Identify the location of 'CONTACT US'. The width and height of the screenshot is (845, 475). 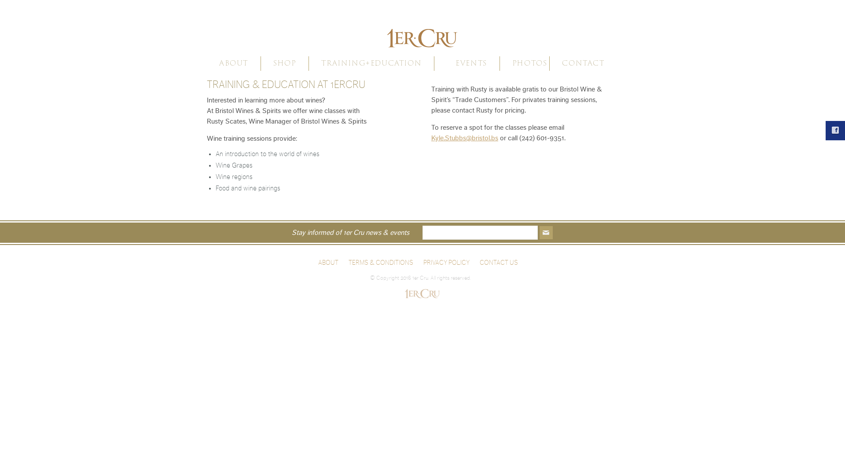
(479, 262).